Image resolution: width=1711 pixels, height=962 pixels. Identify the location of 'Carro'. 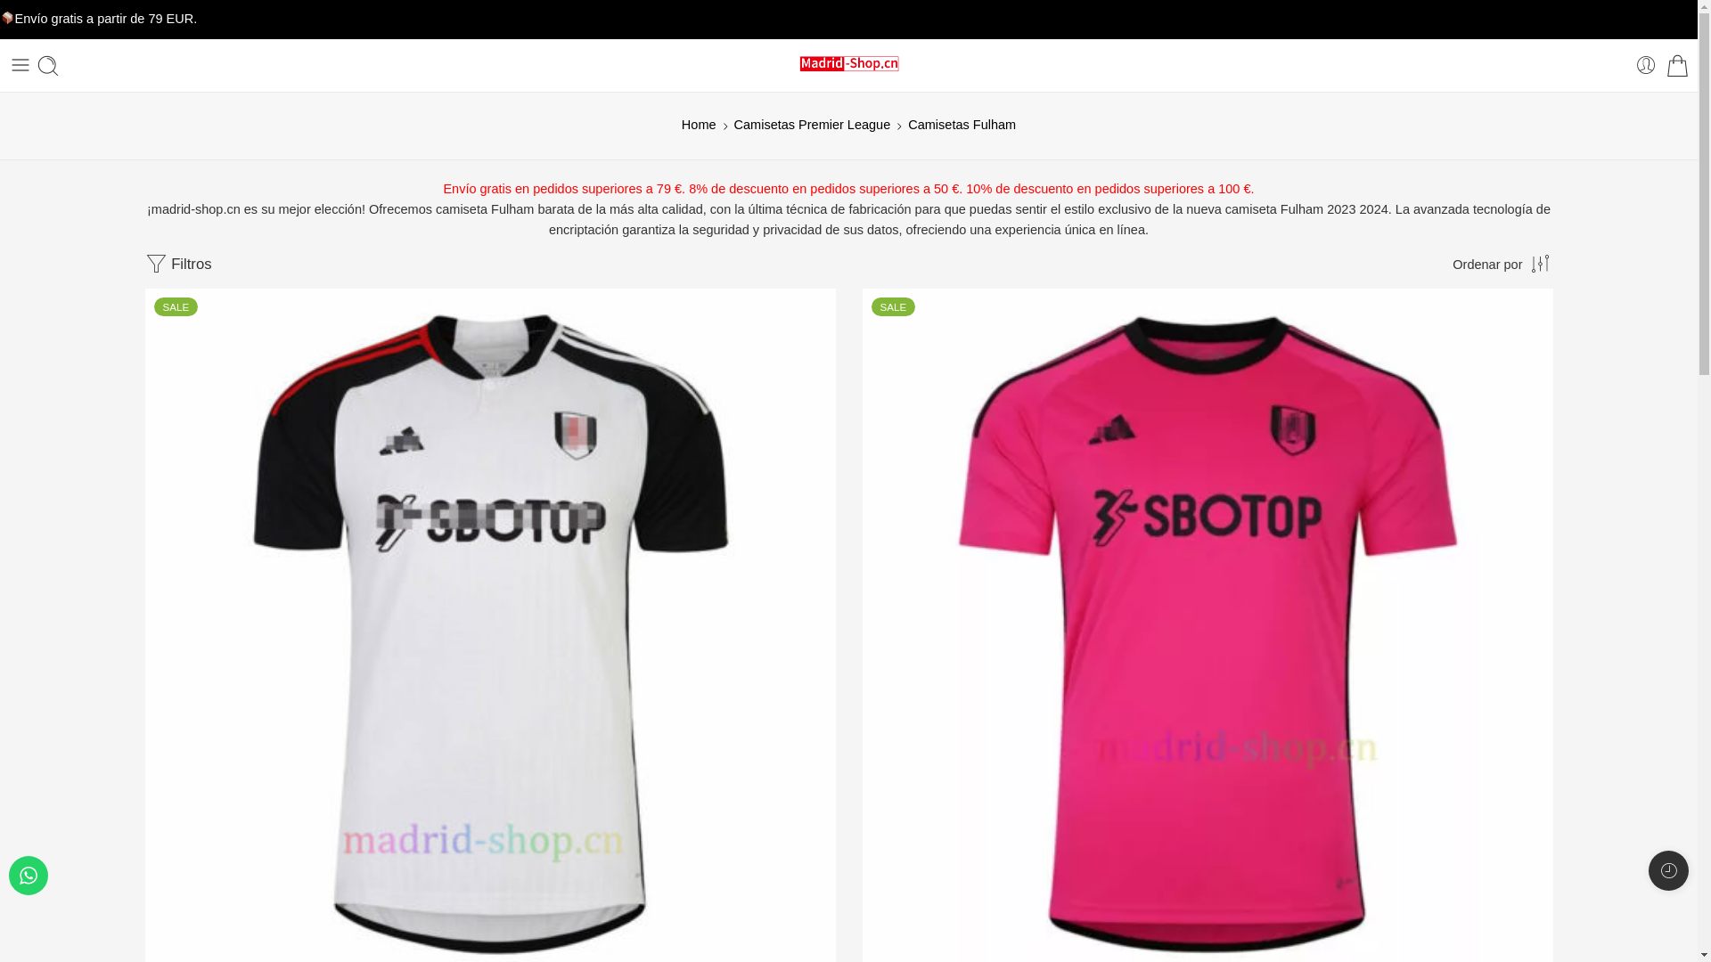
(1676, 63).